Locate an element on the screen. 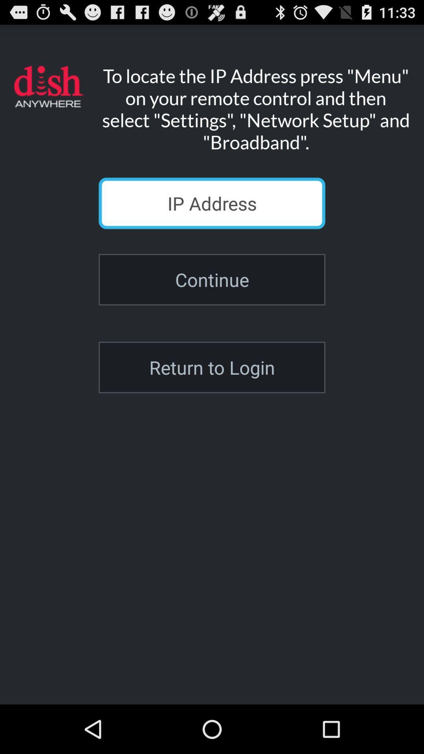 The height and width of the screenshot is (754, 424). item below to locate the is located at coordinates (212, 203).